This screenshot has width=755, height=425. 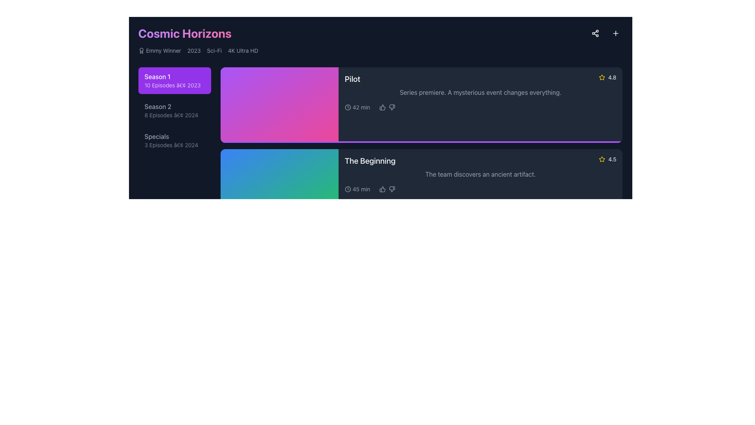 I want to click on the text element that provides descriptive details about the Specials section, which includes the number of episodes available and the associated year, located under the 'Specials' title, so click(x=174, y=145).